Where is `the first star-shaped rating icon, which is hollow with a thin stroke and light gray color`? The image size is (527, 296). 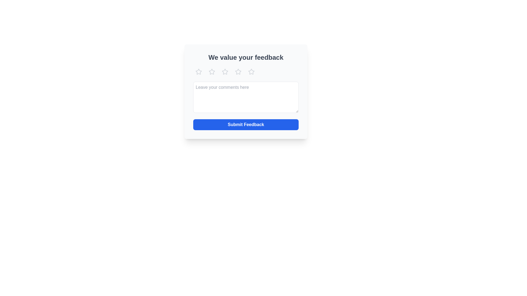
the first star-shaped rating icon, which is hollow with a thin stroke and light gray color is located at coordinates (198, 72).